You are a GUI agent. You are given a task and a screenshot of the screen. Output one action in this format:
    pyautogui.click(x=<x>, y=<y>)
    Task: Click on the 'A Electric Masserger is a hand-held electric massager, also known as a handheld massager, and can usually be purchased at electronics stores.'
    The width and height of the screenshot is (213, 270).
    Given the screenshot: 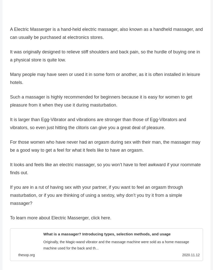 What is the action you would take?
    pyautogui.click(x=106, y=35)
    